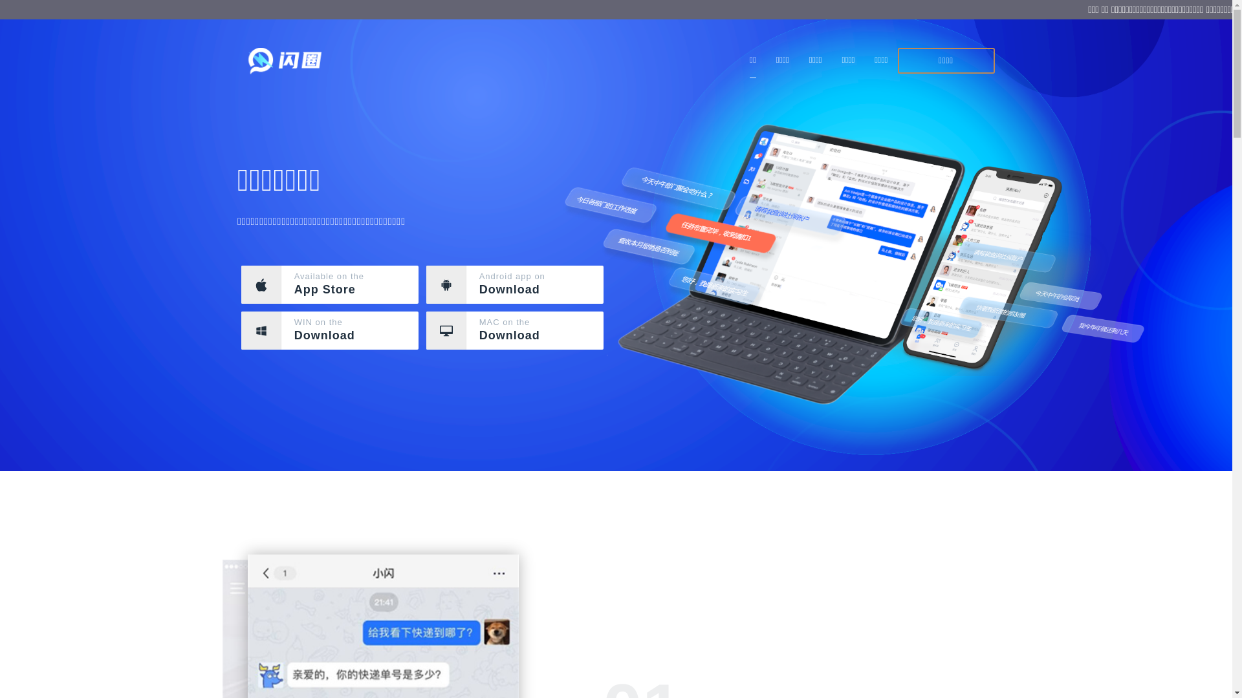 The width and height of the screenshot is (1242, 698). Describe the element at coordinates (330, 284) in the screenshot. I see `'Available on the` at that location.